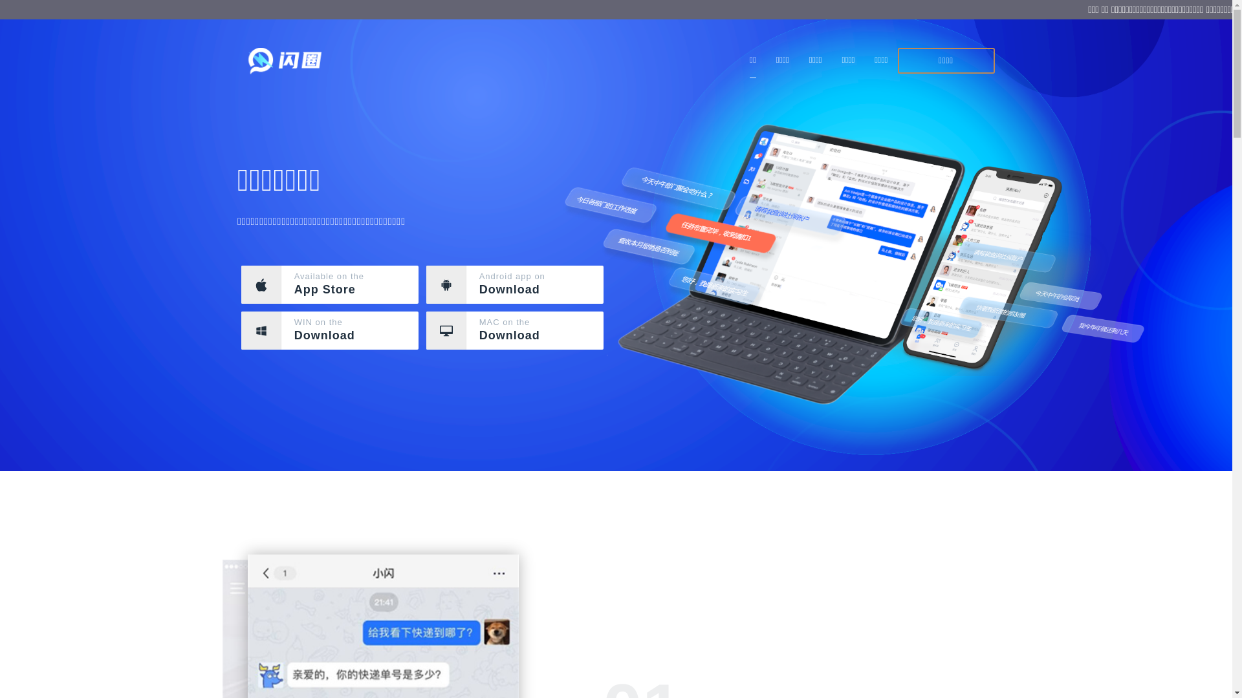 The width and height of the screenshot is (1242, 698). Describe the element at coordinates (330, 284) in the screenshot. I see `'Available on the` at that location.